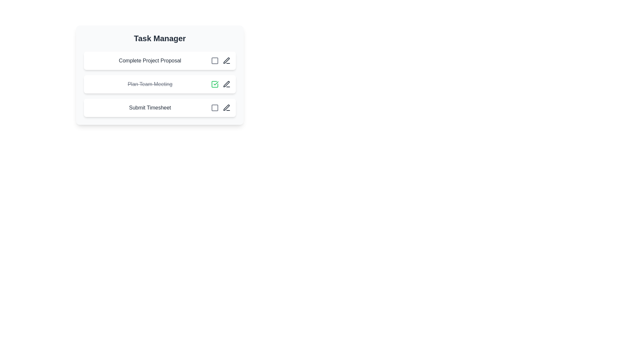 The width and height of the screenshot is (629, 353). I want to click on the checkmark icon located to the right of the task text 'Plan Team Meeting' to mark the task as completed, so click(220, 84).